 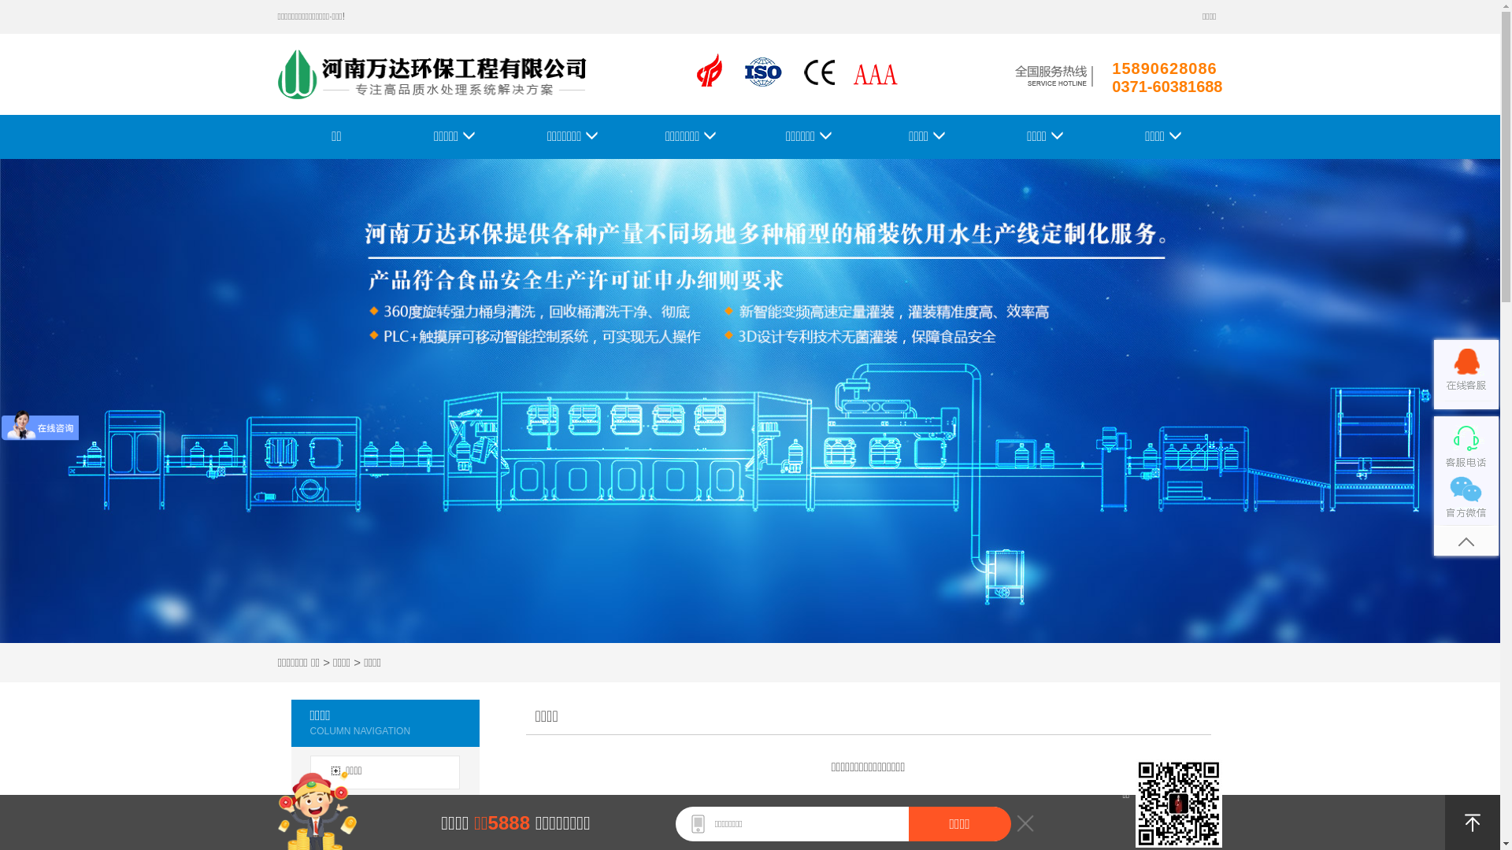 I want to click on '   ', so click(x=883, y=804).